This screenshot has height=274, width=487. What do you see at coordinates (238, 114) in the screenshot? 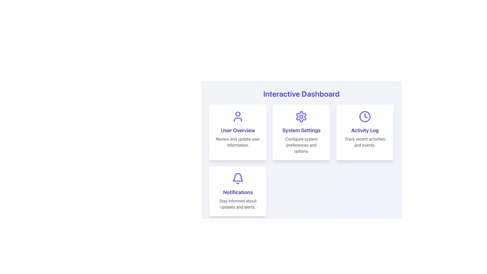
I see `the decorative SVG circle element that represents the user's head in the User Overview card, located above the text label` at bounding box center [238, 114].